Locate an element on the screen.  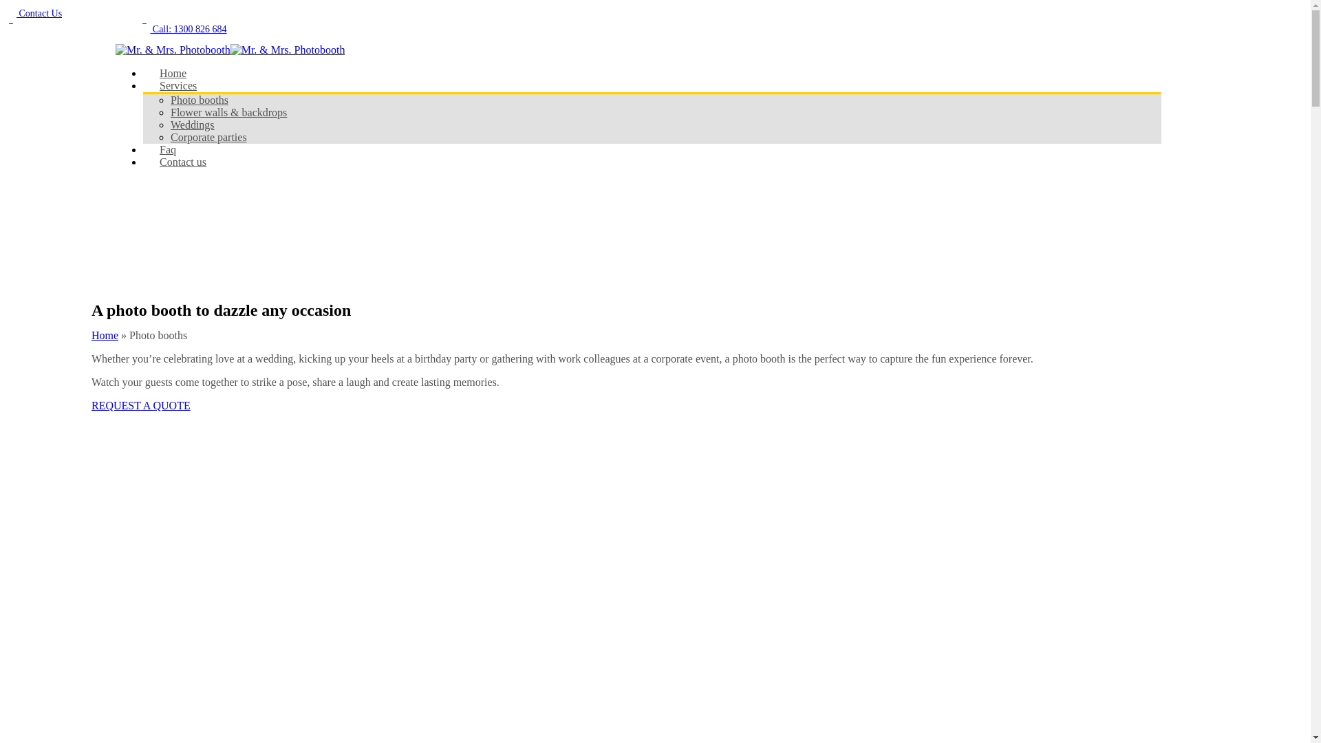
'Contact us' is located at coordinates (182, 161).